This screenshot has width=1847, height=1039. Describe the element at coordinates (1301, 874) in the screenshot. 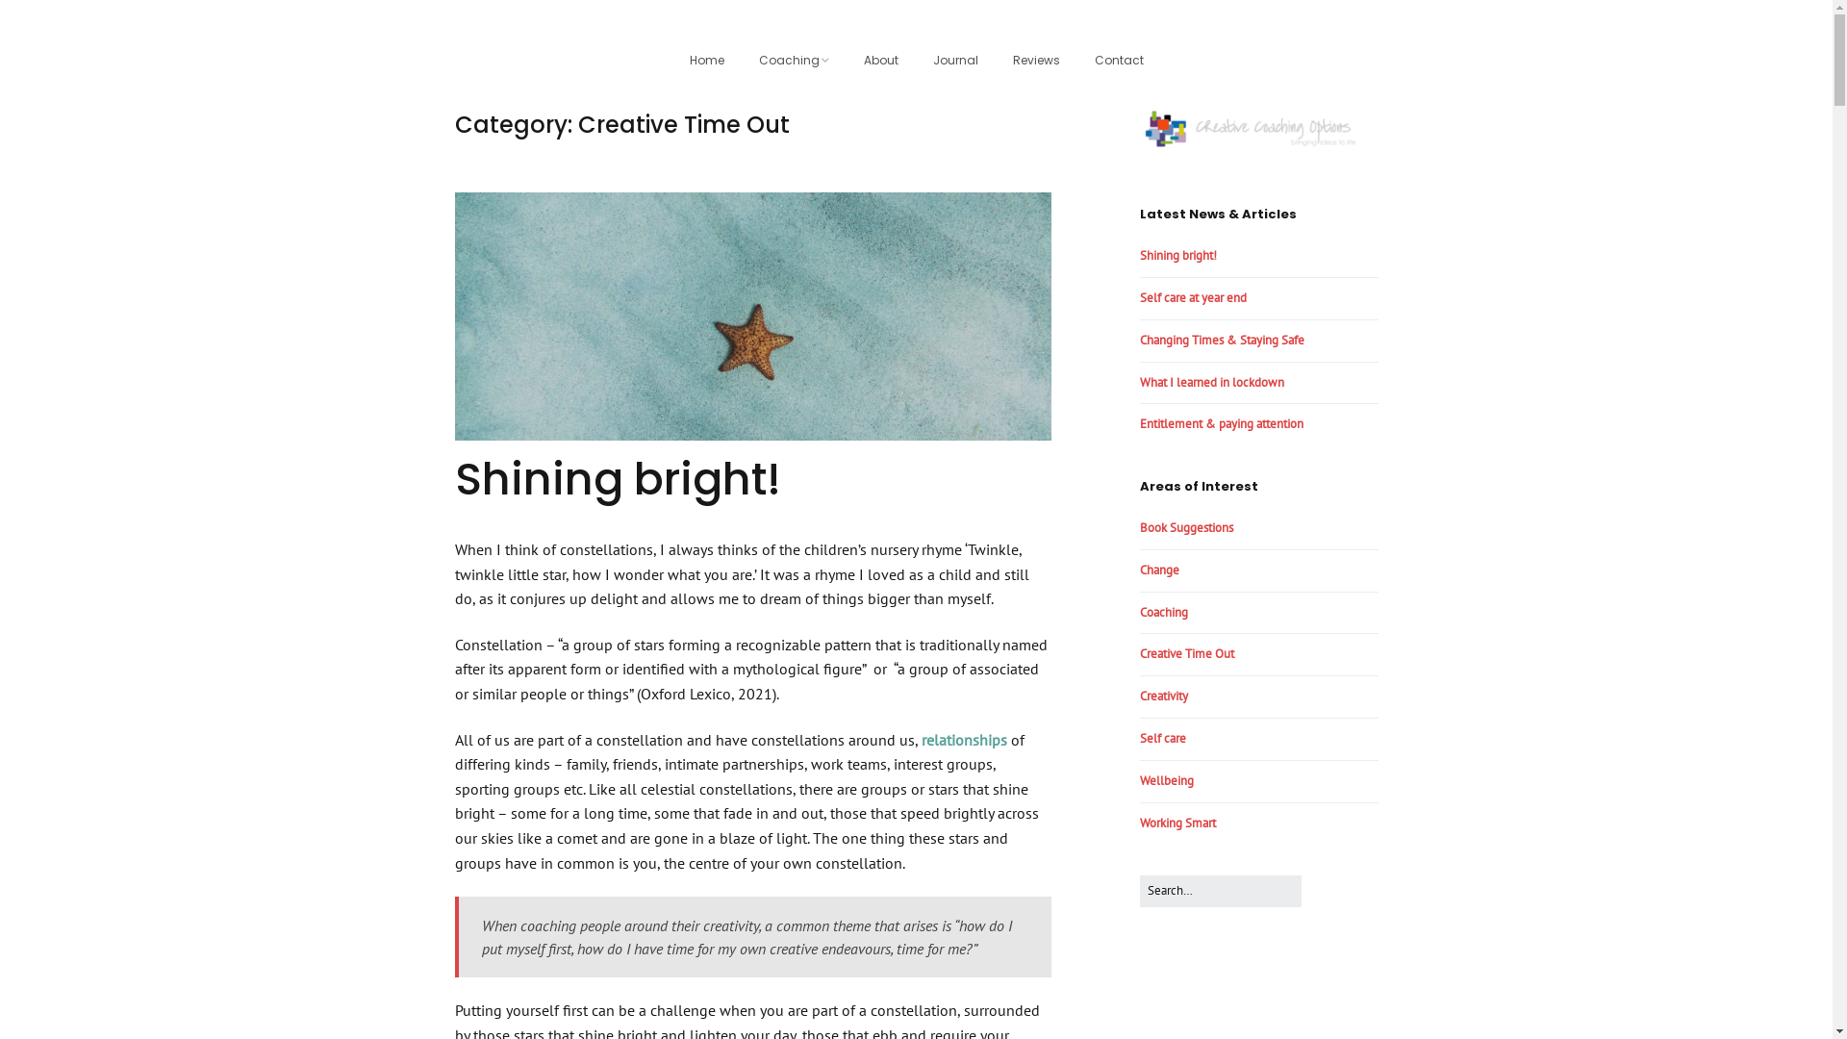

I see `'Search'` at that location.